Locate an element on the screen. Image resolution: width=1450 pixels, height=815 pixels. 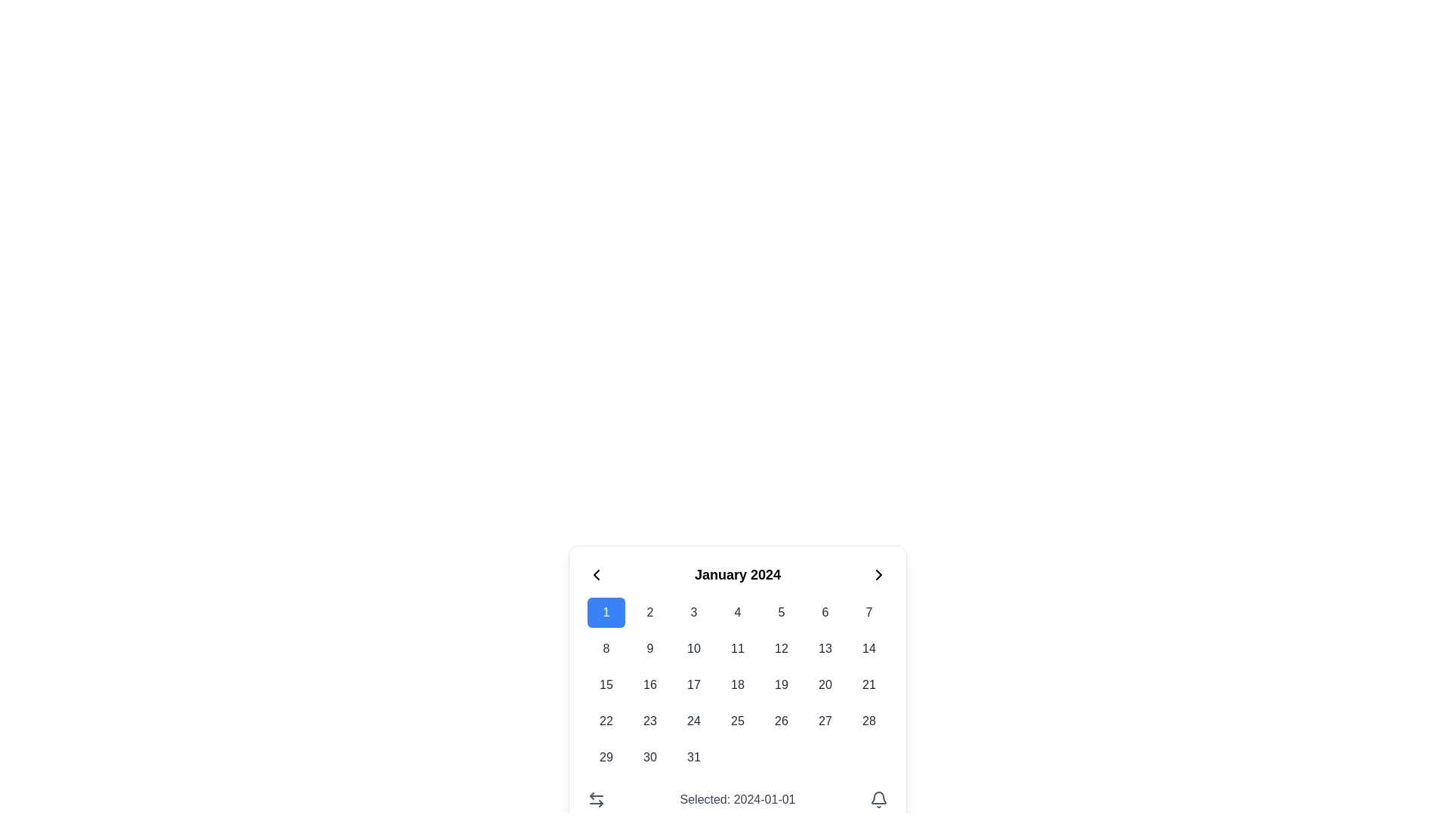
the rectangular button with a rounded corner design, featuring a gray background and a centered black numeral '6' is located at coordinates (825, 613).